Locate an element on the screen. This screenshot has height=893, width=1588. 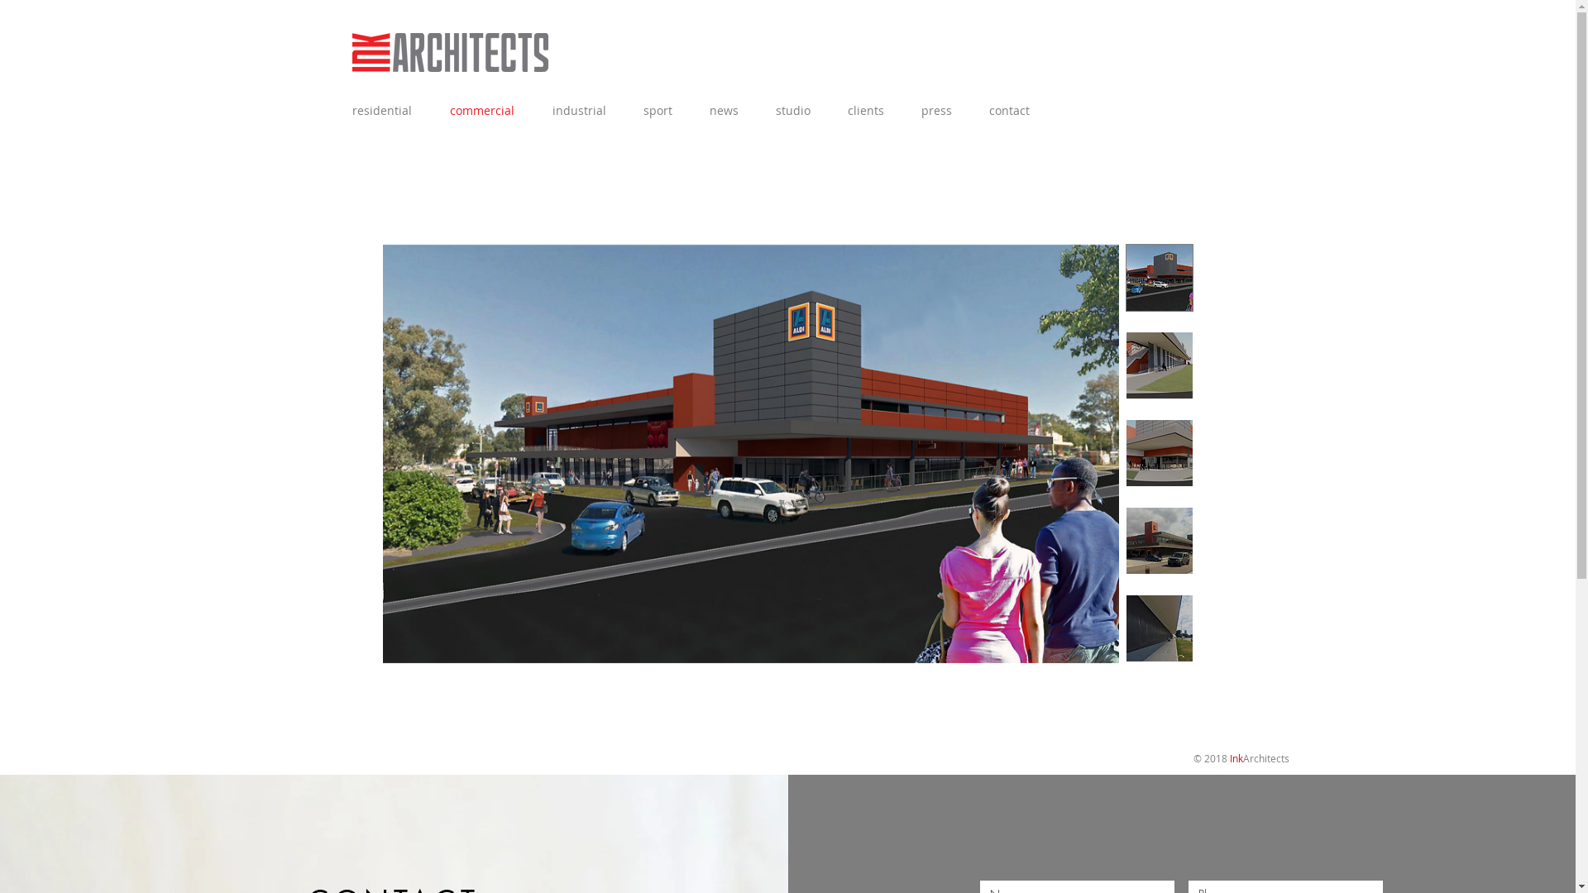
'studio' is located at coordinates (761, 110).